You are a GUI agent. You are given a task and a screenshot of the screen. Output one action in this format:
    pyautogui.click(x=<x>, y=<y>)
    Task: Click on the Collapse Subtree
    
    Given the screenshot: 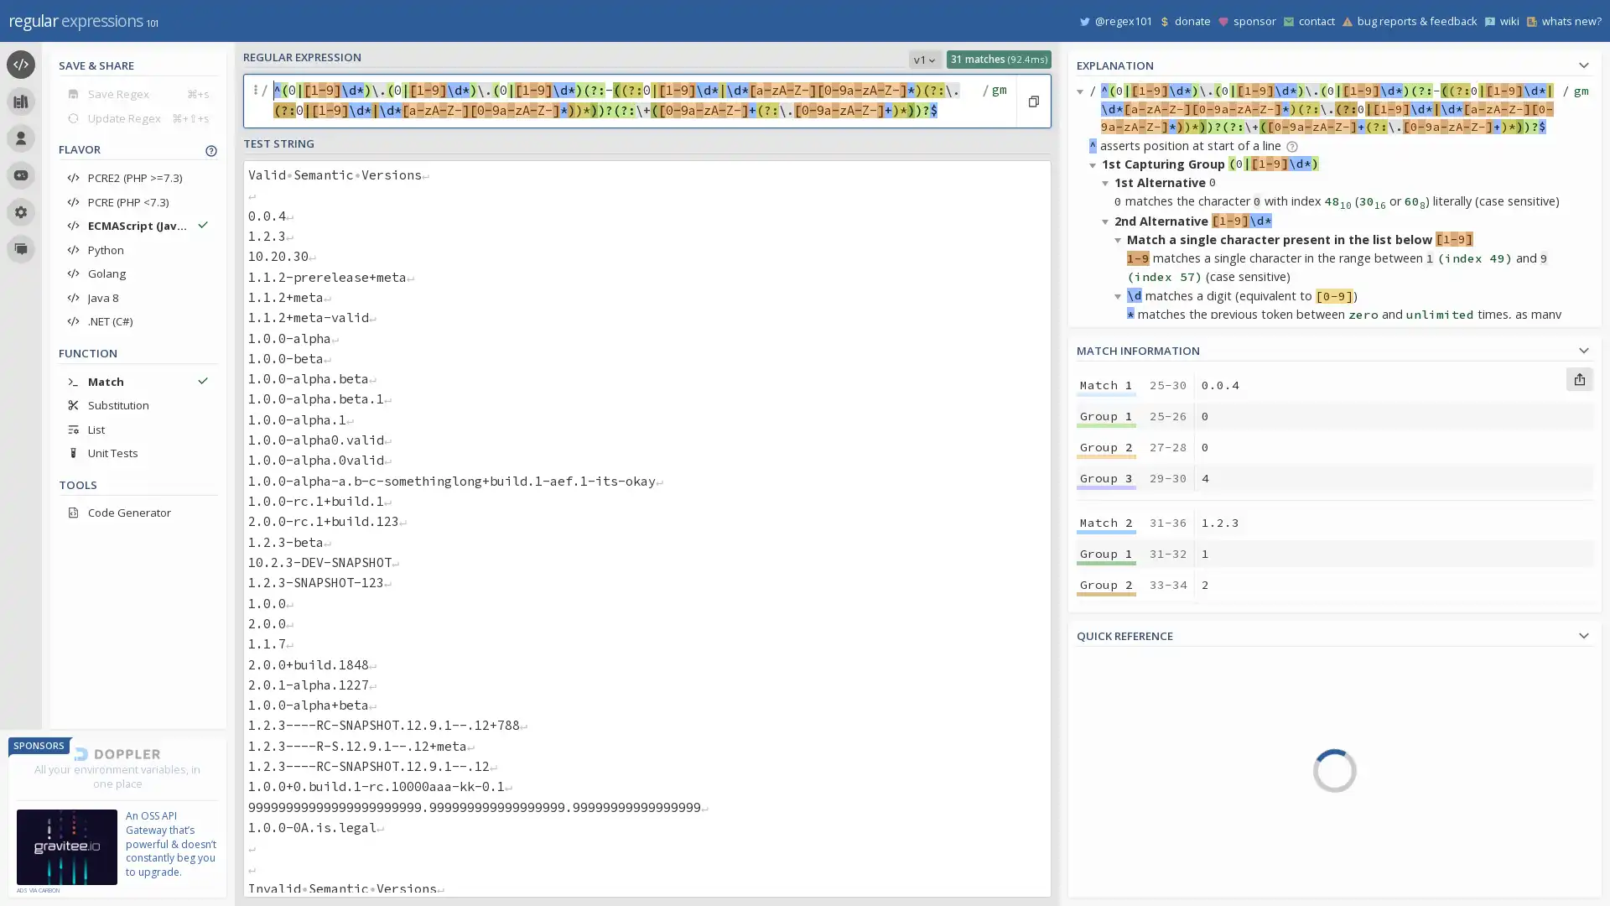 What is the action you would take?
    pyautogui.click(x=1108, y=638)
    